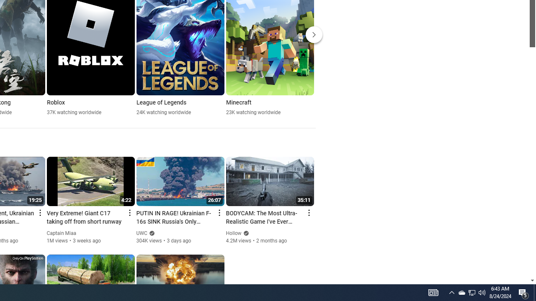  What do you see at coordinates (308, 212) in the screenshot?
I see `'Action menu'` at bounding box center [308, 212].